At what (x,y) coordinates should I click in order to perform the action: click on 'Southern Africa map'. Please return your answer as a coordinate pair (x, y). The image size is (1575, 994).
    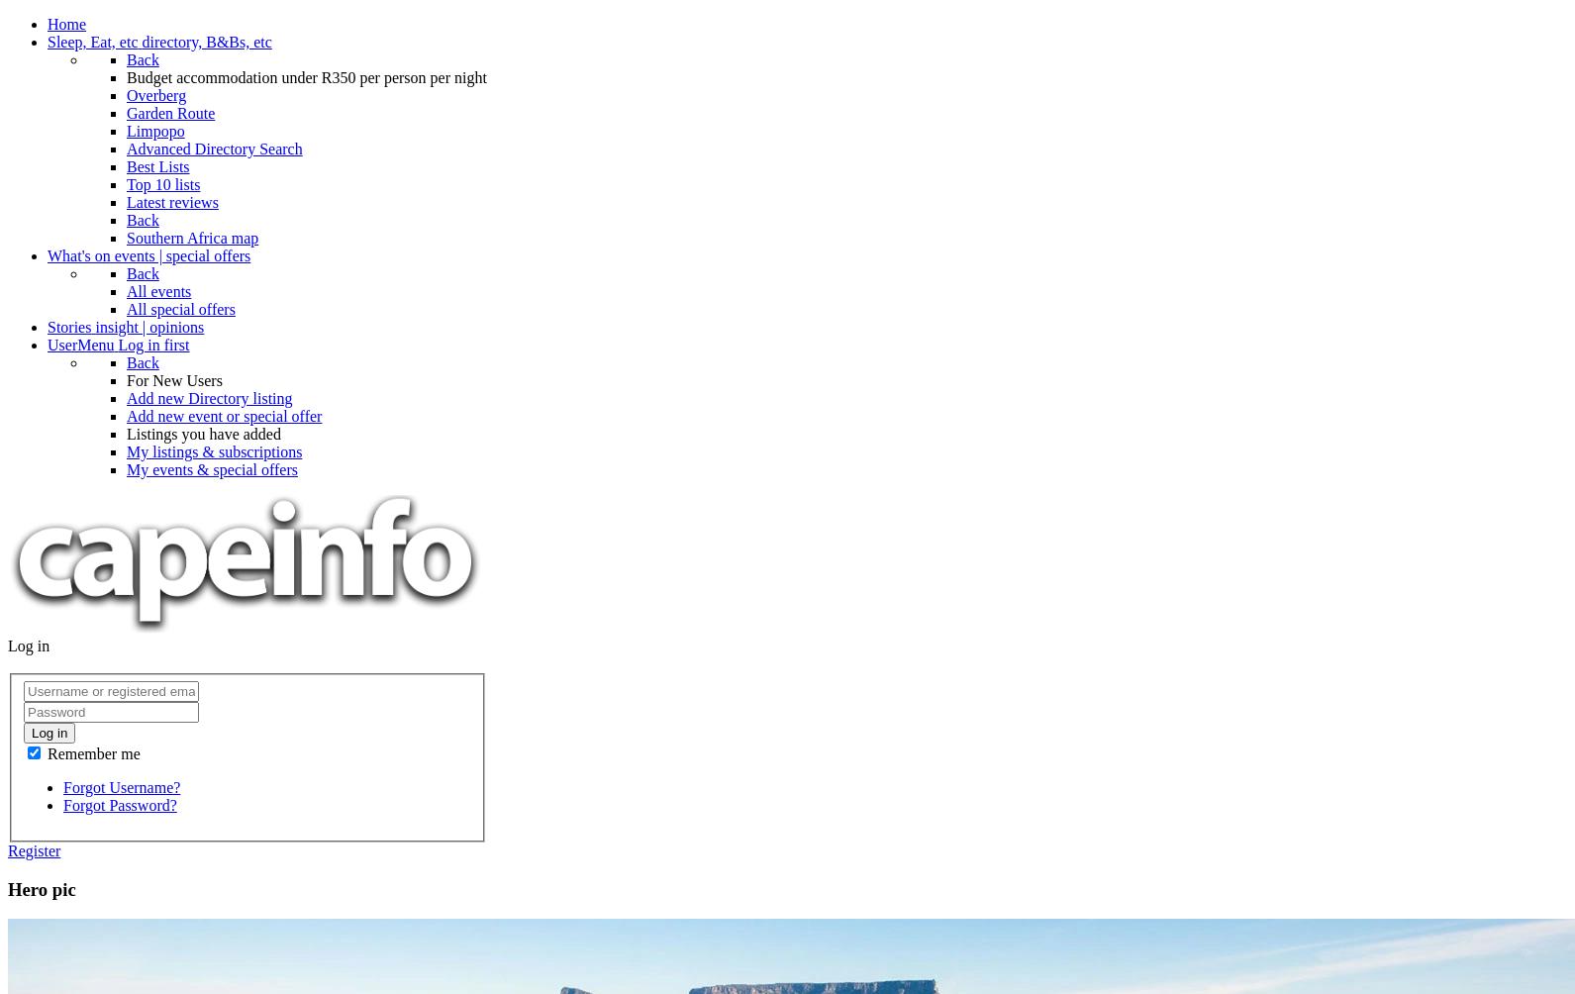
    Looking at the image, I should click on (191, 237).